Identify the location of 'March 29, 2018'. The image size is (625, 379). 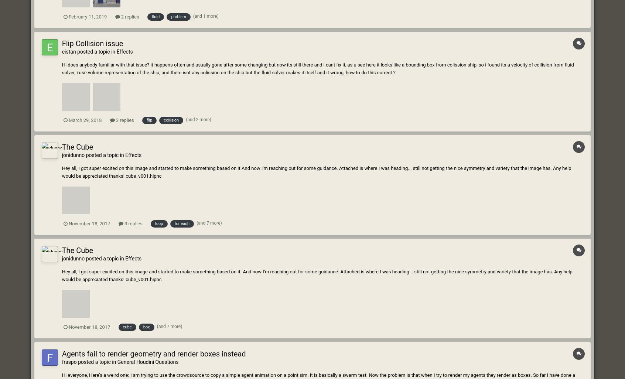
(85, 120).